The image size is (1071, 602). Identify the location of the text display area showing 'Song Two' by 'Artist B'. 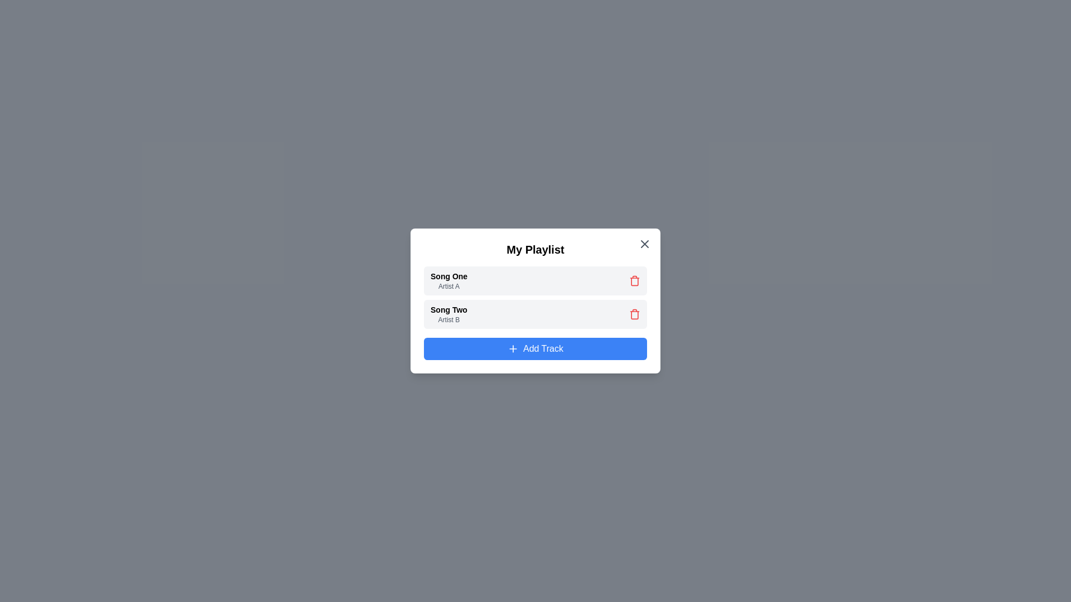
(448, 314).